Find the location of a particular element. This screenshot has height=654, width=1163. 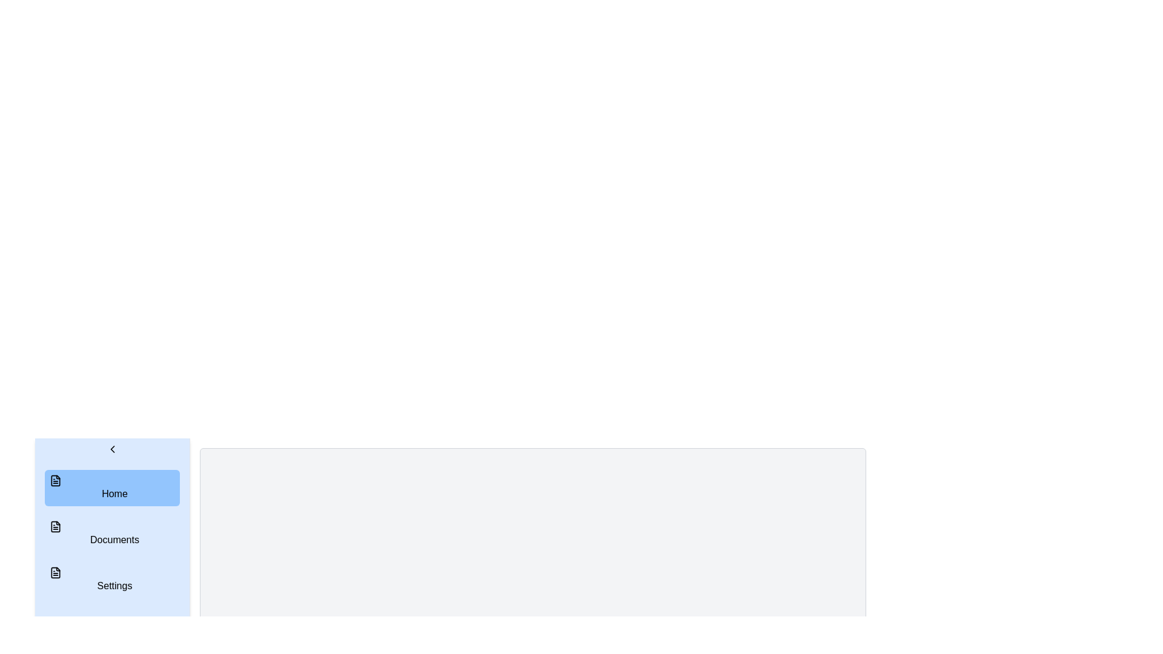

the 'Documents' button, which is a rectangular button with rounded corners, a light blue background, and black text, positioned below the 'Home' button and above the 'Settings' button is located at coordinates (112, 533).